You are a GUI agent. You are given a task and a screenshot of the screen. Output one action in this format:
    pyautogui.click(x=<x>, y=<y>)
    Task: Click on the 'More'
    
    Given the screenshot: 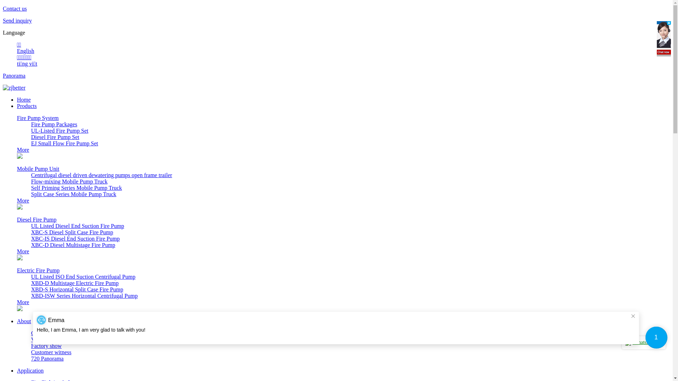 What is the action you would take?
    pyautogui.click(x=23, y=302)
    